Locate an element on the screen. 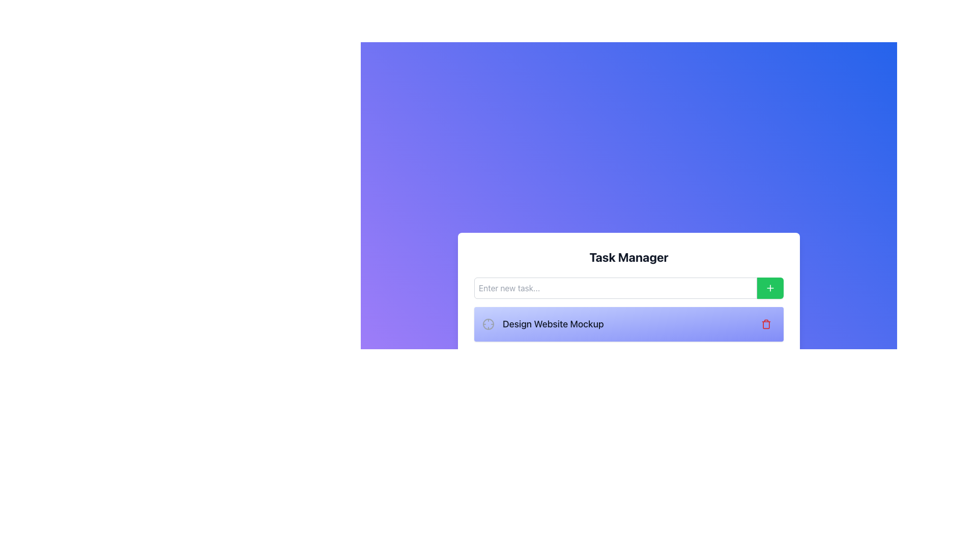 The width and height of the screenshot is (977, 549). the 'Add Task' button located at the right end of the input field in the task manager interface is located at coordinates (770, 288).